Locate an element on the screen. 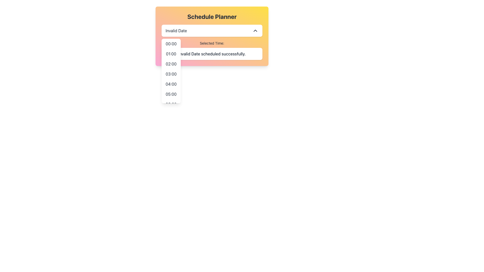  to select the time slot '05:00' from the sixth item in the vertical list of time slots in the scheduling interface is located at coordinates (171, 94).